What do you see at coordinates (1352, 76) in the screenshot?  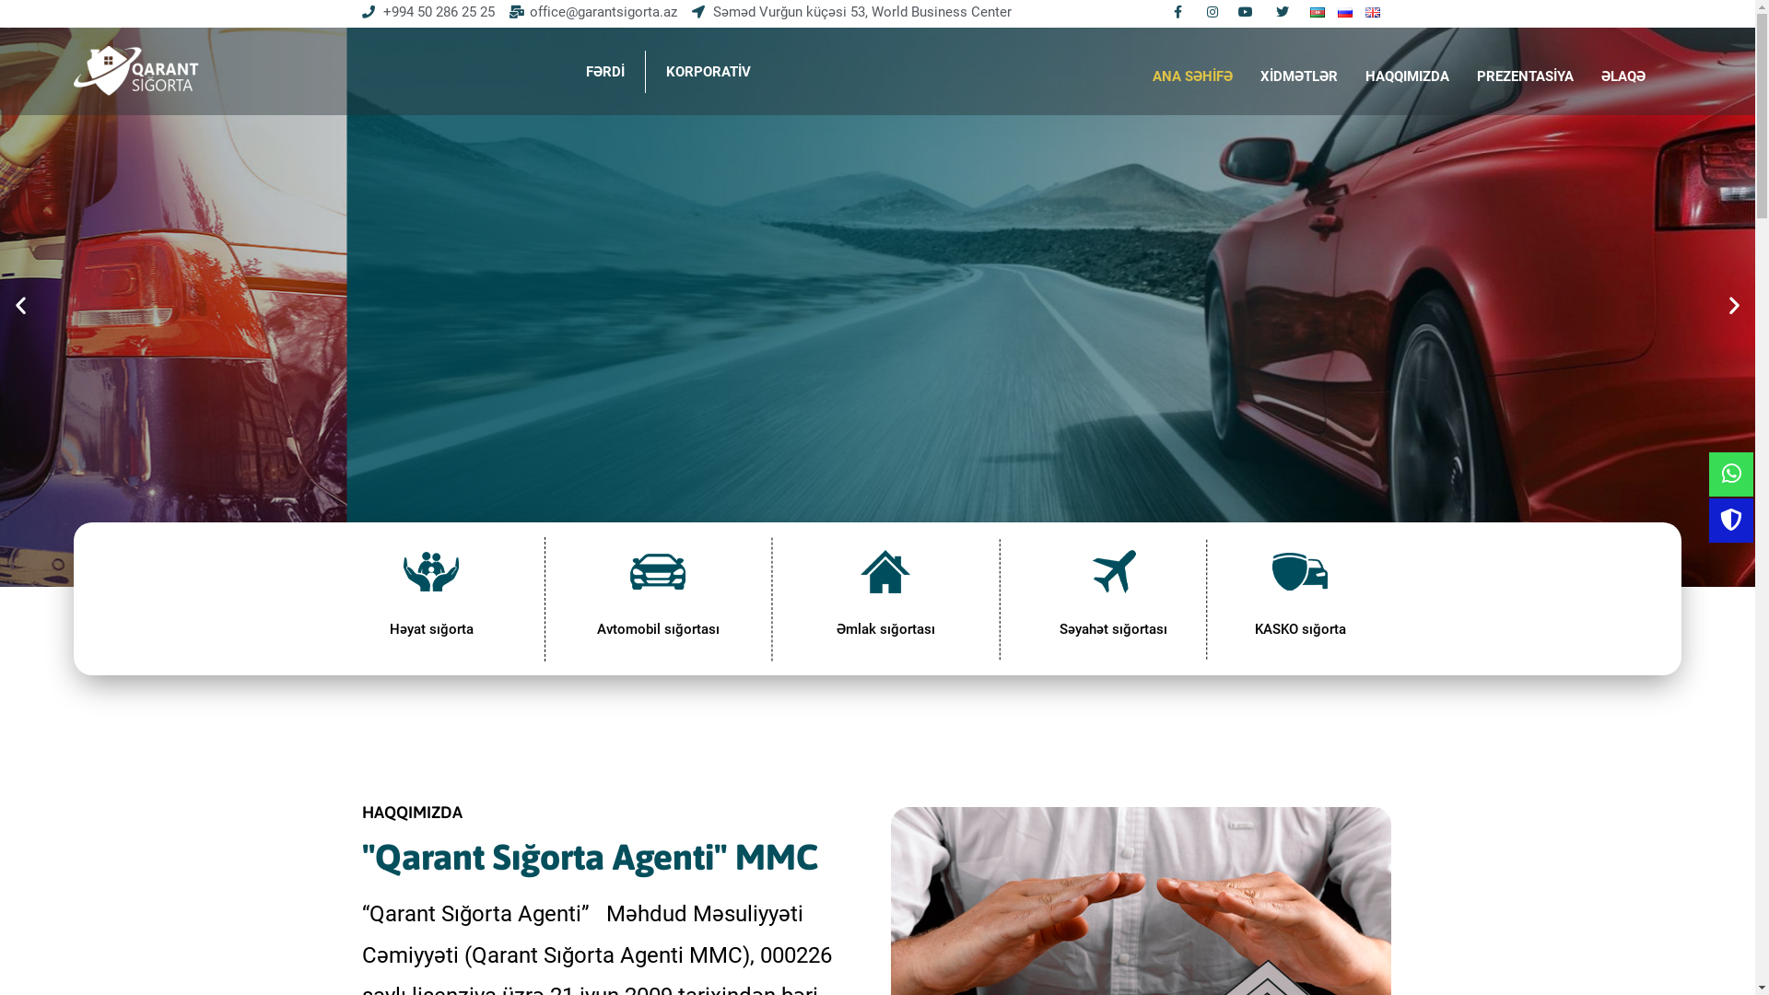 I see `'HAQQIMIZDA'` at bounding box center [1352, 76].